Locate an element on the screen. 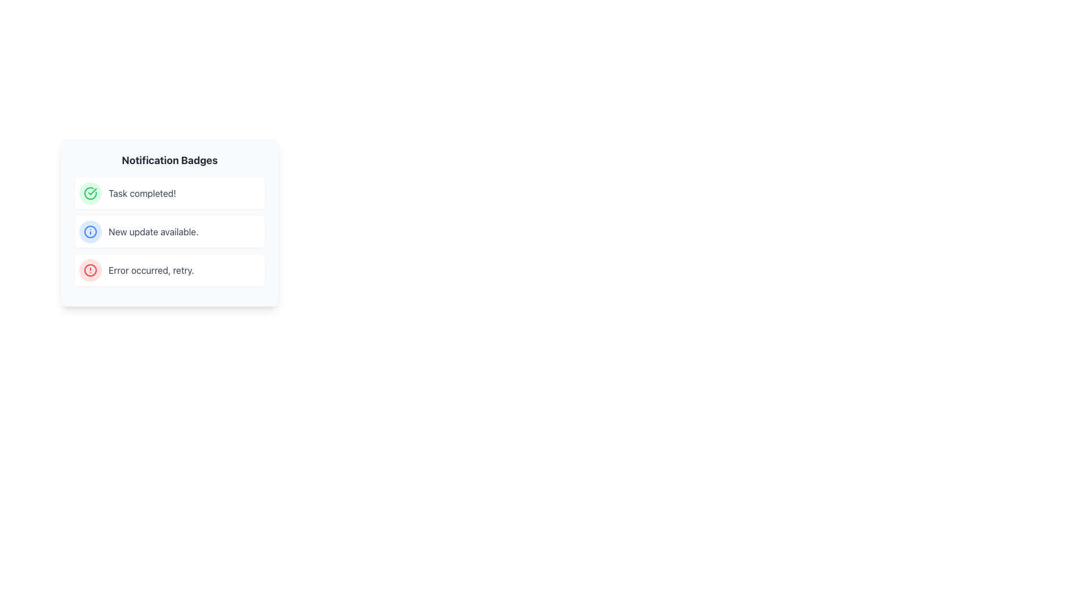  the error or alert message icon located in the leftmost part of the third row, next to the text 'Error occurred, retry.' is located at coordinates (89, 270).